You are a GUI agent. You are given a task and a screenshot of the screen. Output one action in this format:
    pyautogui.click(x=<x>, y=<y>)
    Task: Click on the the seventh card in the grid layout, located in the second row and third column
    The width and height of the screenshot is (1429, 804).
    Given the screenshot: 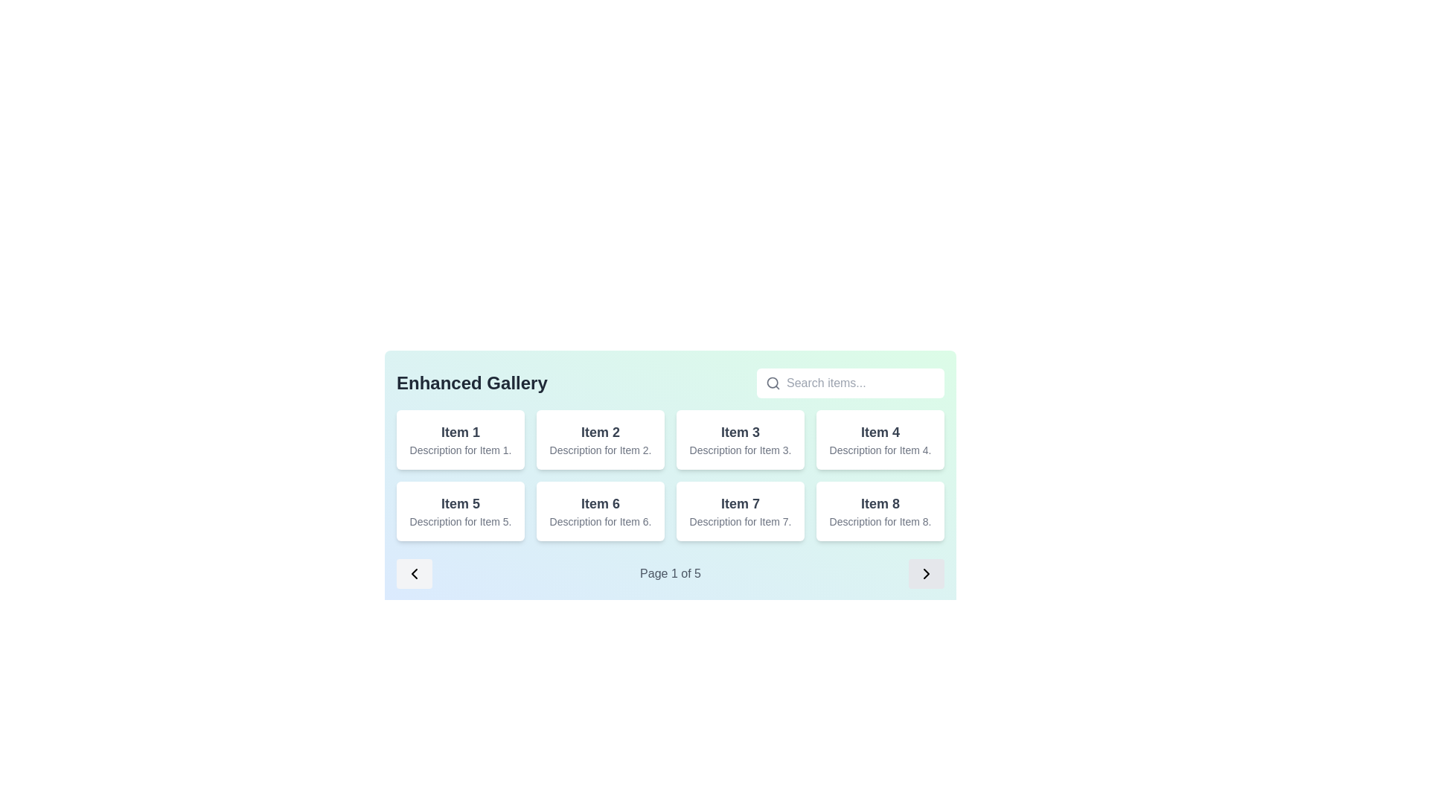 What is the action you would take?
    pyautogui.click(x=740, y=510)
    